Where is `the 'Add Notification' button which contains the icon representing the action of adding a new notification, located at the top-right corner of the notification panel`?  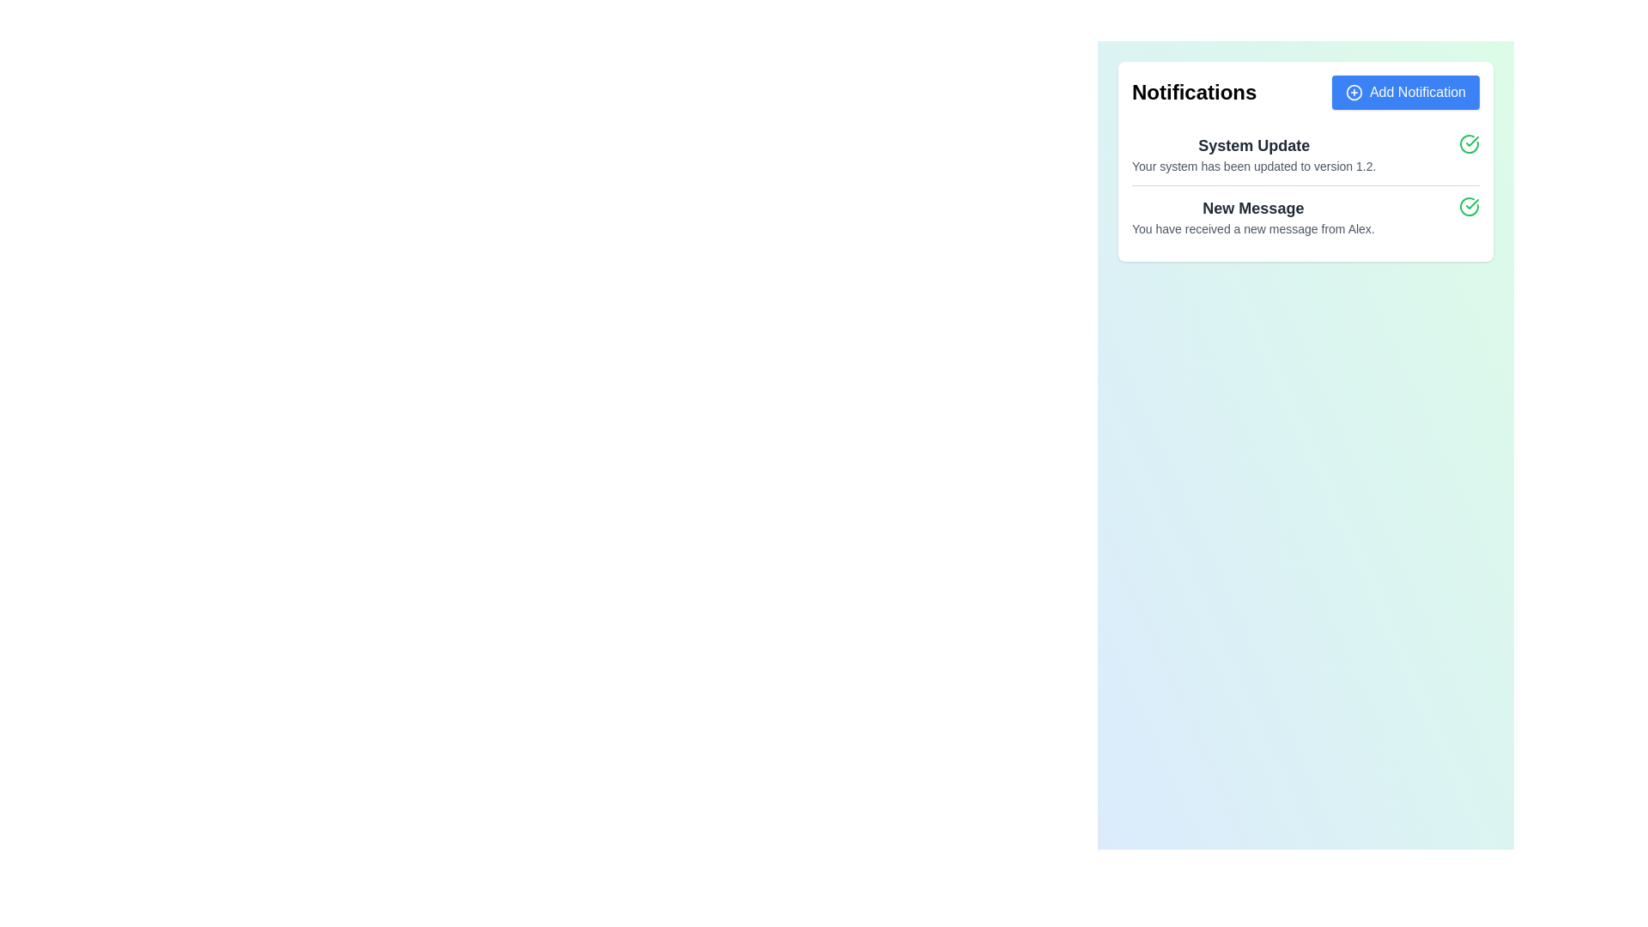 the 'Add Notification' button which contains the icon representing the action of adding a new notification, located at the top-right corner of the notification panel is located at coordinates (1353, 93).